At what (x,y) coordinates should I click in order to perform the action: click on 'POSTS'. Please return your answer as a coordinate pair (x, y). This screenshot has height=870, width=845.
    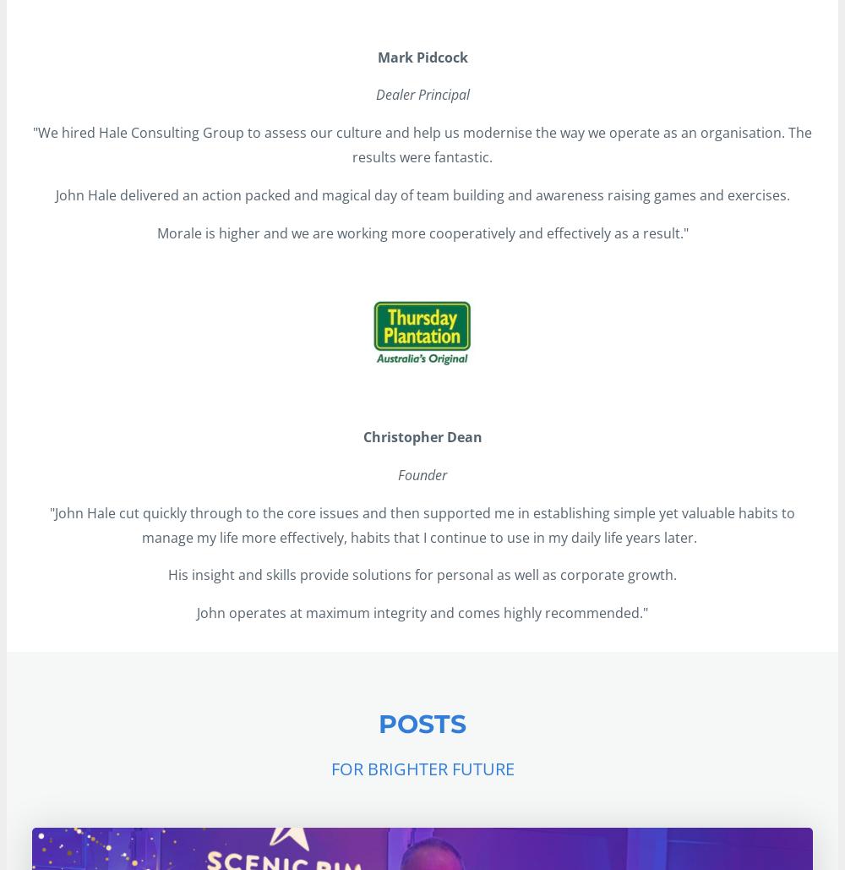
    Looking at the image, I should click on (422, 722).